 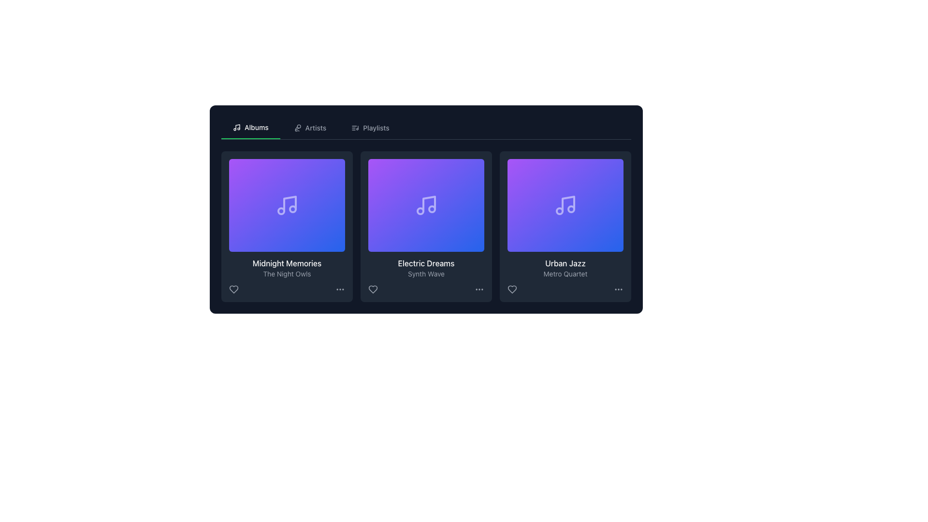 What do you see at coordinates (297, 128) in the screenshot?
I see `the microphone icon representing the 'Artists' navigation tab located at the top of the interface` at bounding box center [297, 128].